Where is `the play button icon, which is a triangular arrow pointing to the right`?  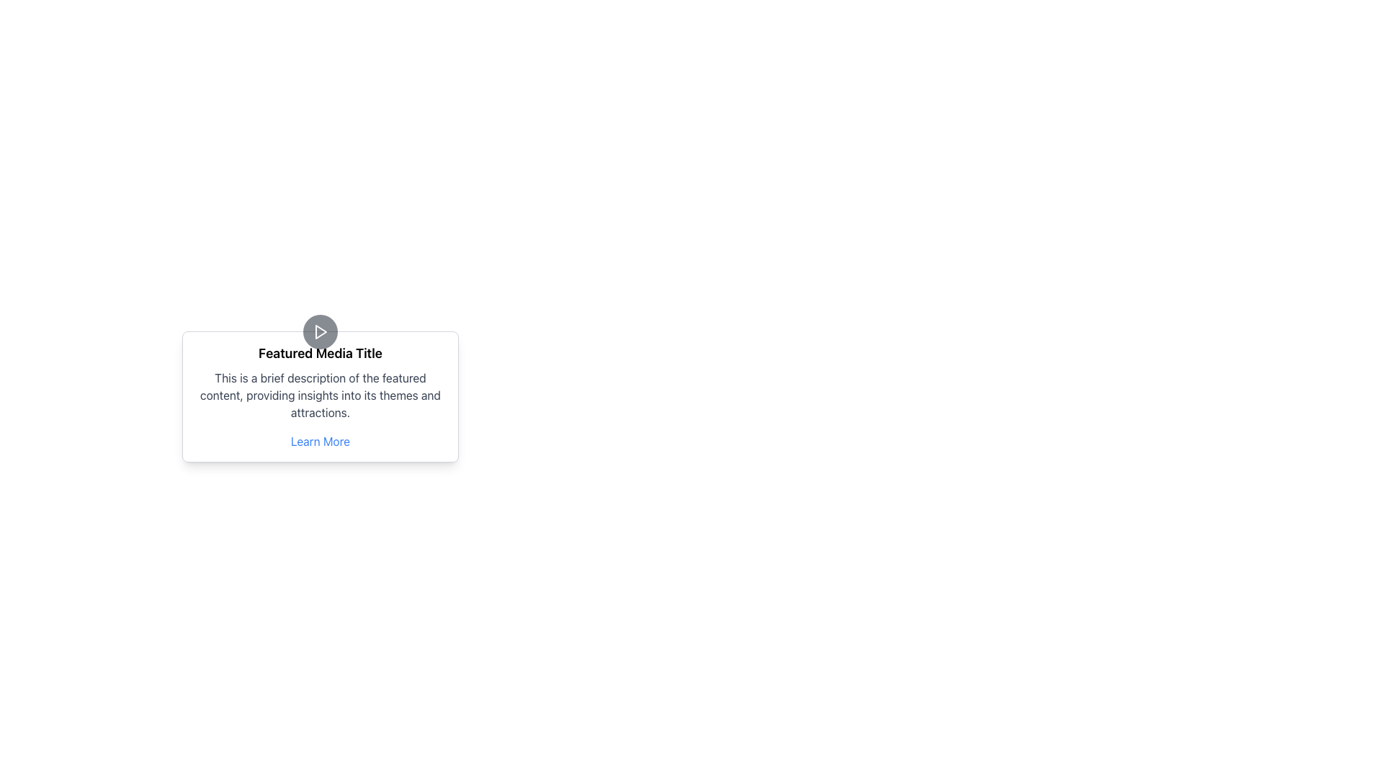
the play button icon, which is a triangular arrow pointing to the right is located at coordinates (321, 332).